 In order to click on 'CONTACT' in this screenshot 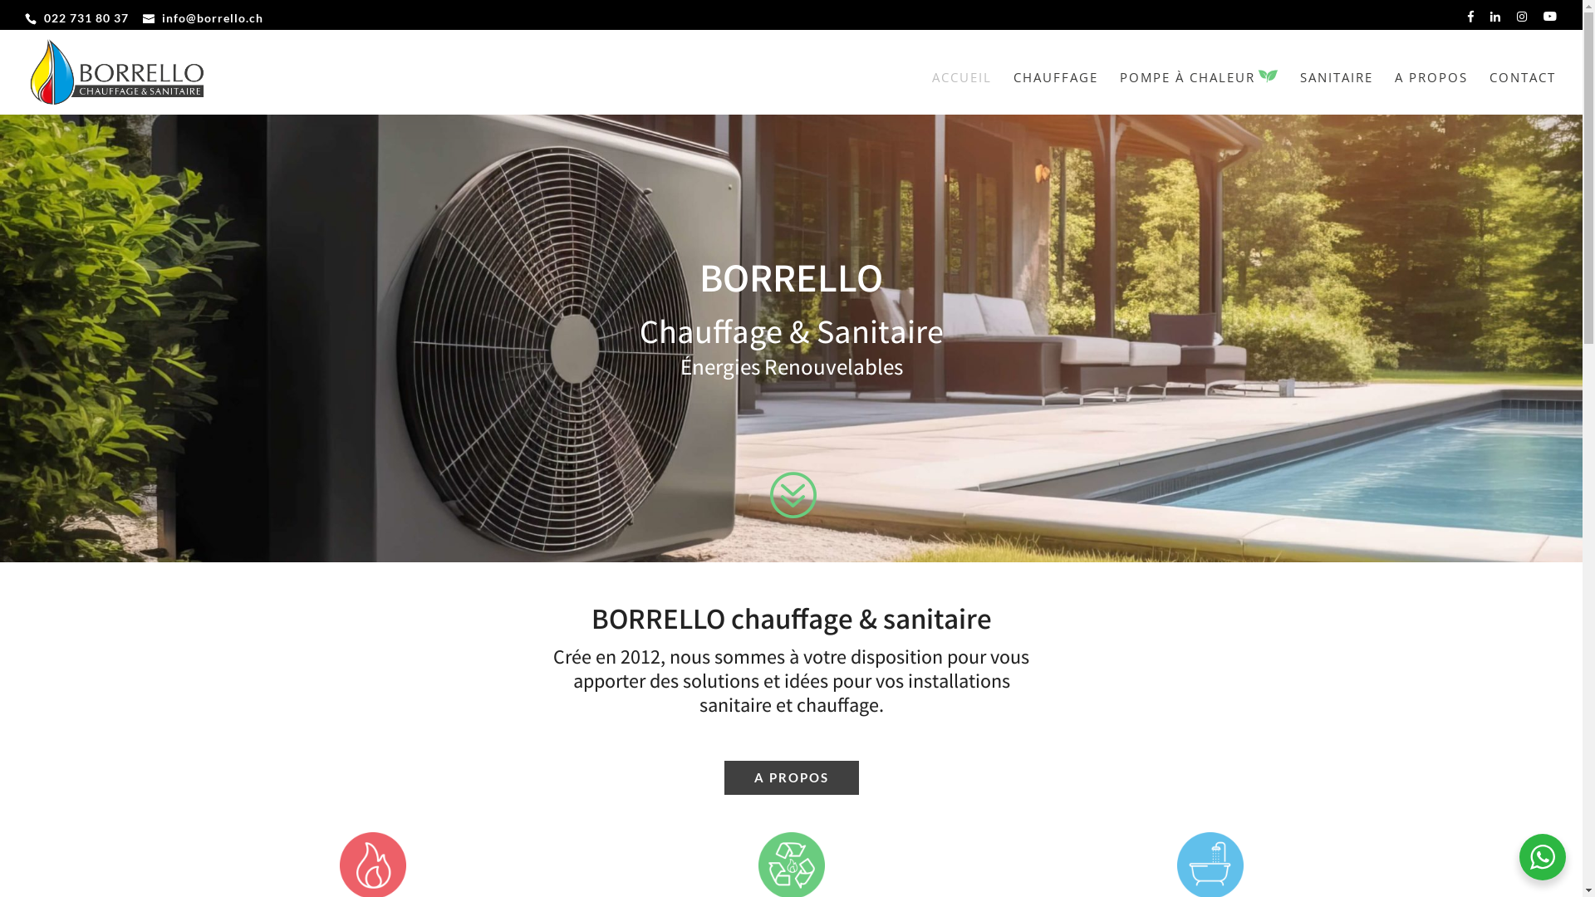, I will do `click(1523, 92)`.